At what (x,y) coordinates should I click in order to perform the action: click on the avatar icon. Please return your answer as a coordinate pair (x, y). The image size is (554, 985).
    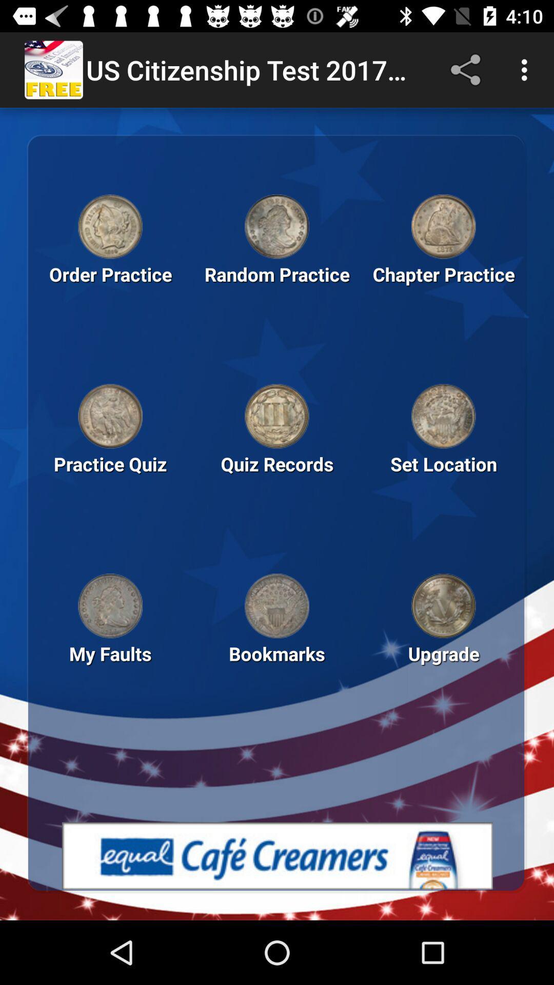
    Looking at the image, I should click on (443, 606).